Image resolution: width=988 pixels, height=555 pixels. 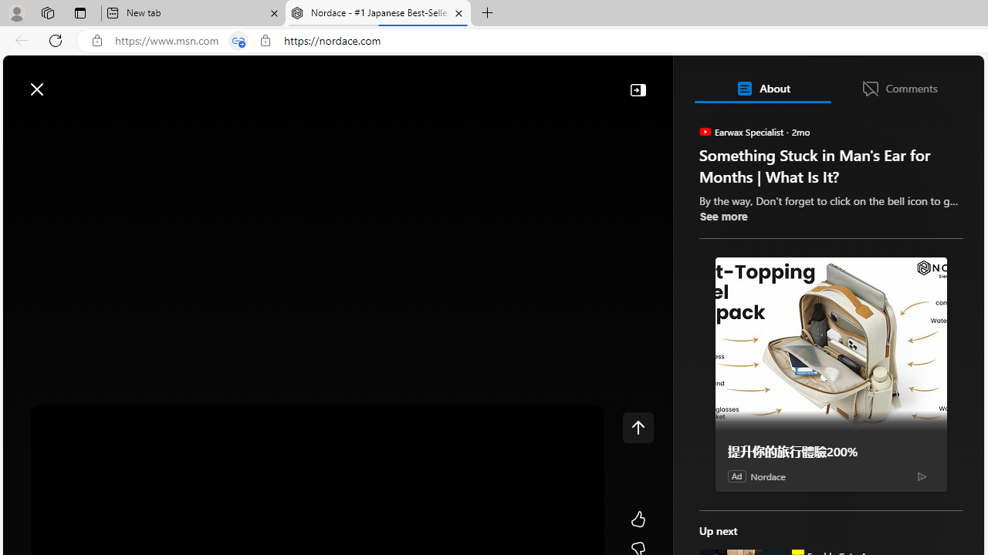 I want to click on 'About', so click(x=762, y=88).